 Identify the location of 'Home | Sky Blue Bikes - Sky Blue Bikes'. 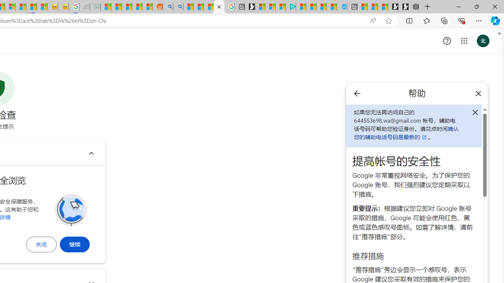
(342, 7).